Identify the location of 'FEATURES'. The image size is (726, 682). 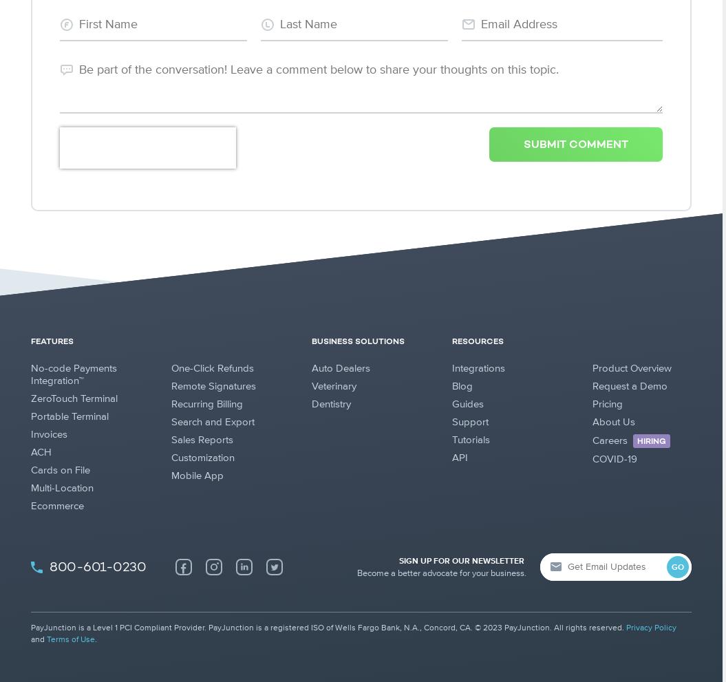
(51, 341).